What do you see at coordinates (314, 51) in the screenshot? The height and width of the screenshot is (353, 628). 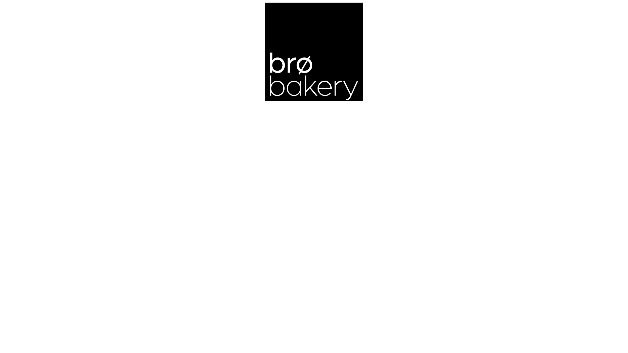 I see `'Bro Backery'` at bounding box center [314, 51].